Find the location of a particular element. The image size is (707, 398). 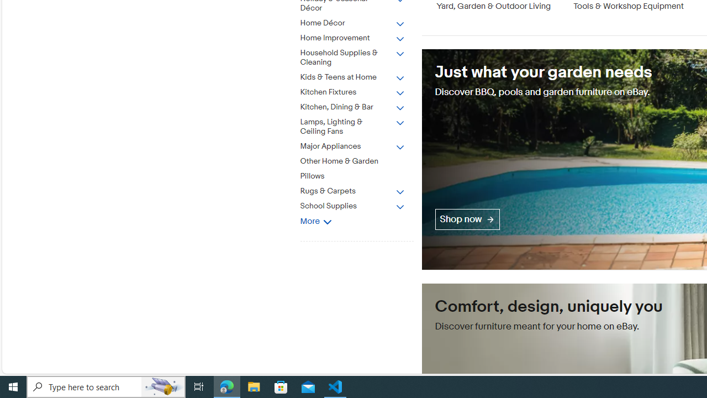

'Rugs & Carpets' is located at coordinates (361, 188).